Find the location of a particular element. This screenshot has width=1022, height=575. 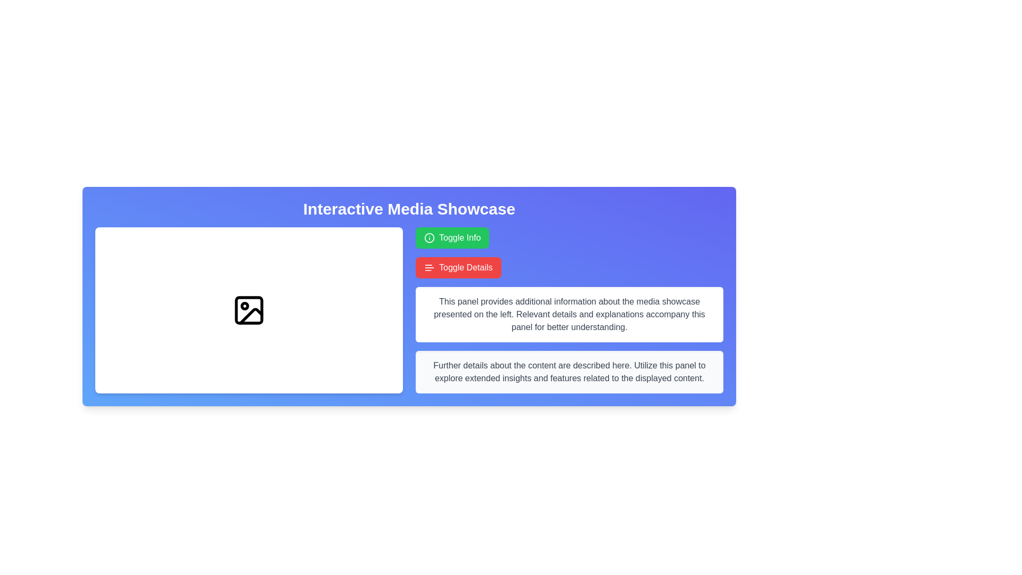

the rectangular SVG subcomponent located on the left side of the interface, which serves as a frame or boundary within the image representation is located at coordinates (248, 310).